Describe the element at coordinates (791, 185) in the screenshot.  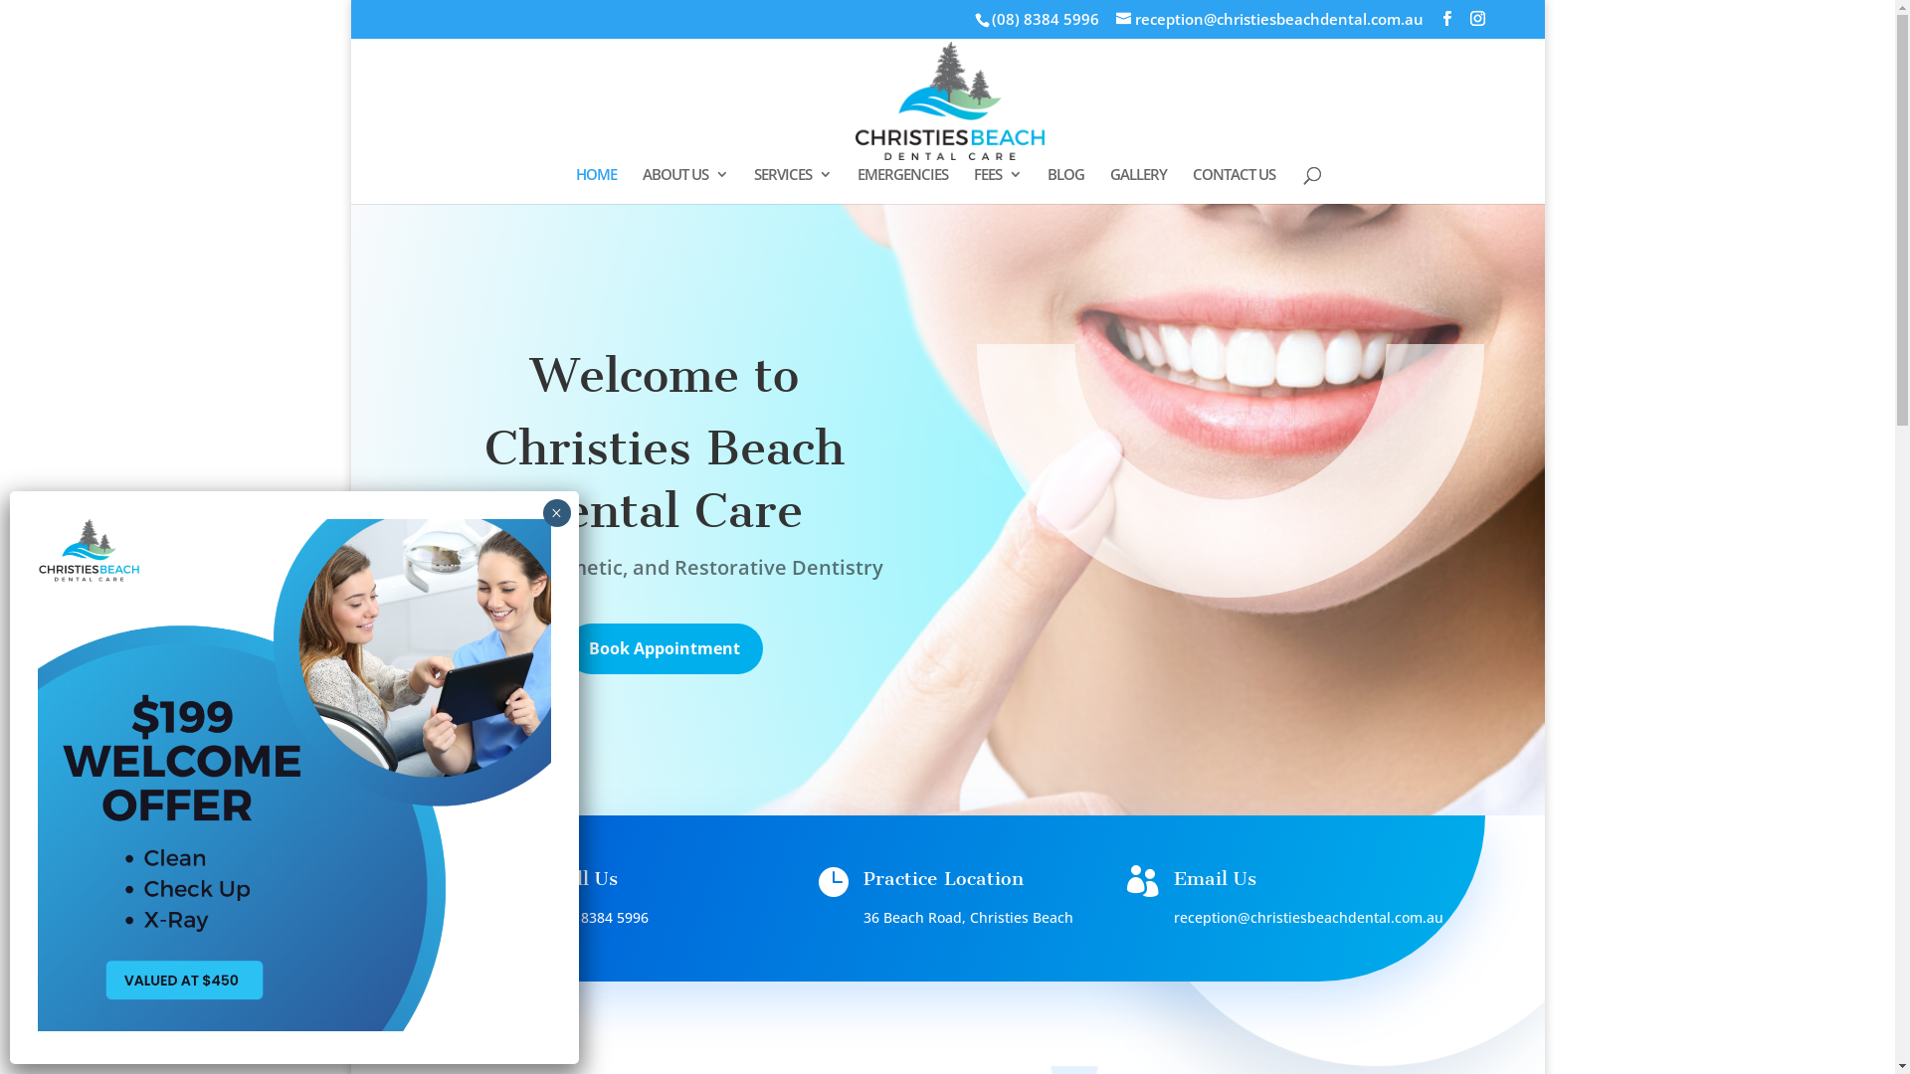
I see `'SERVICES'` at that location.